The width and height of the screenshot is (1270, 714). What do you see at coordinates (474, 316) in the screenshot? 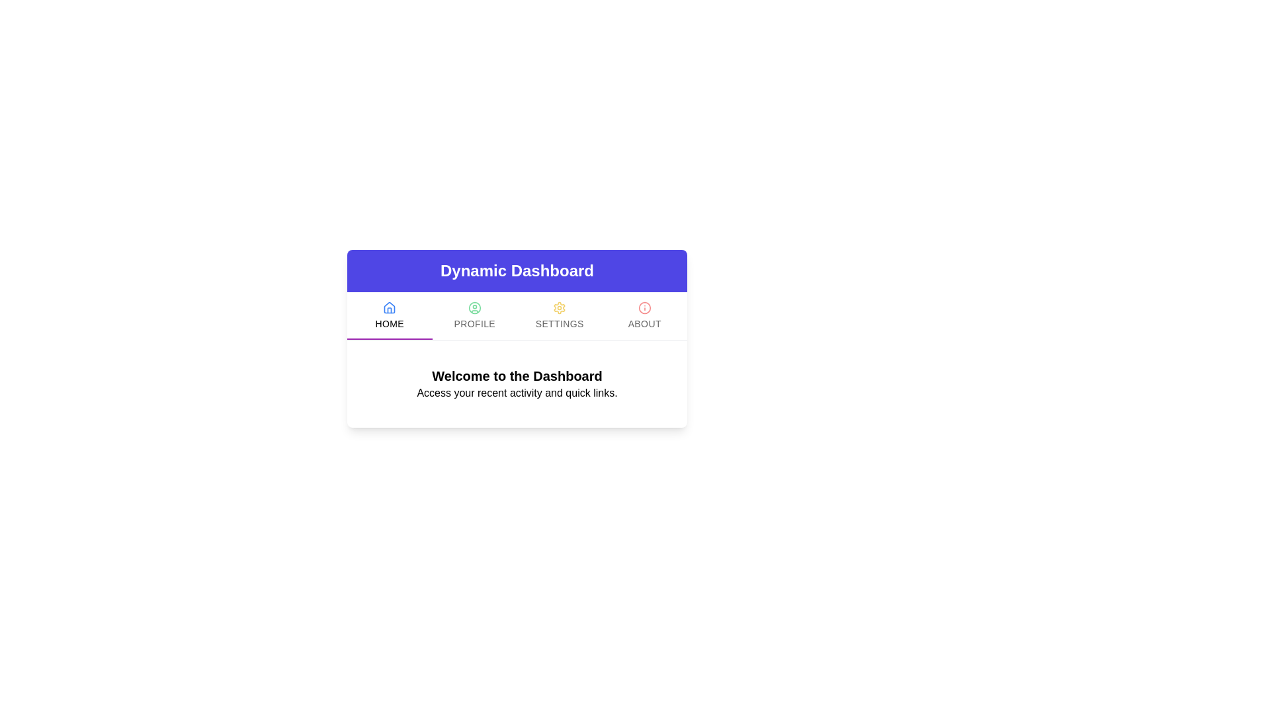
I see `the green circular user profile icon labeled 'Profile', which is the second tab in the horizontal tab panel` at bounding box center [474, 316].